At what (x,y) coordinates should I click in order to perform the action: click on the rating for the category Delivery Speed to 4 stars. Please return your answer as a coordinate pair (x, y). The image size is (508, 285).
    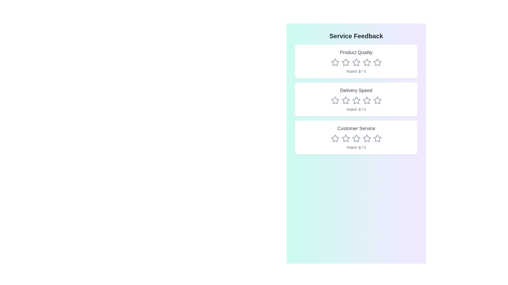
    Looking at the image, I should click on (366, 101).